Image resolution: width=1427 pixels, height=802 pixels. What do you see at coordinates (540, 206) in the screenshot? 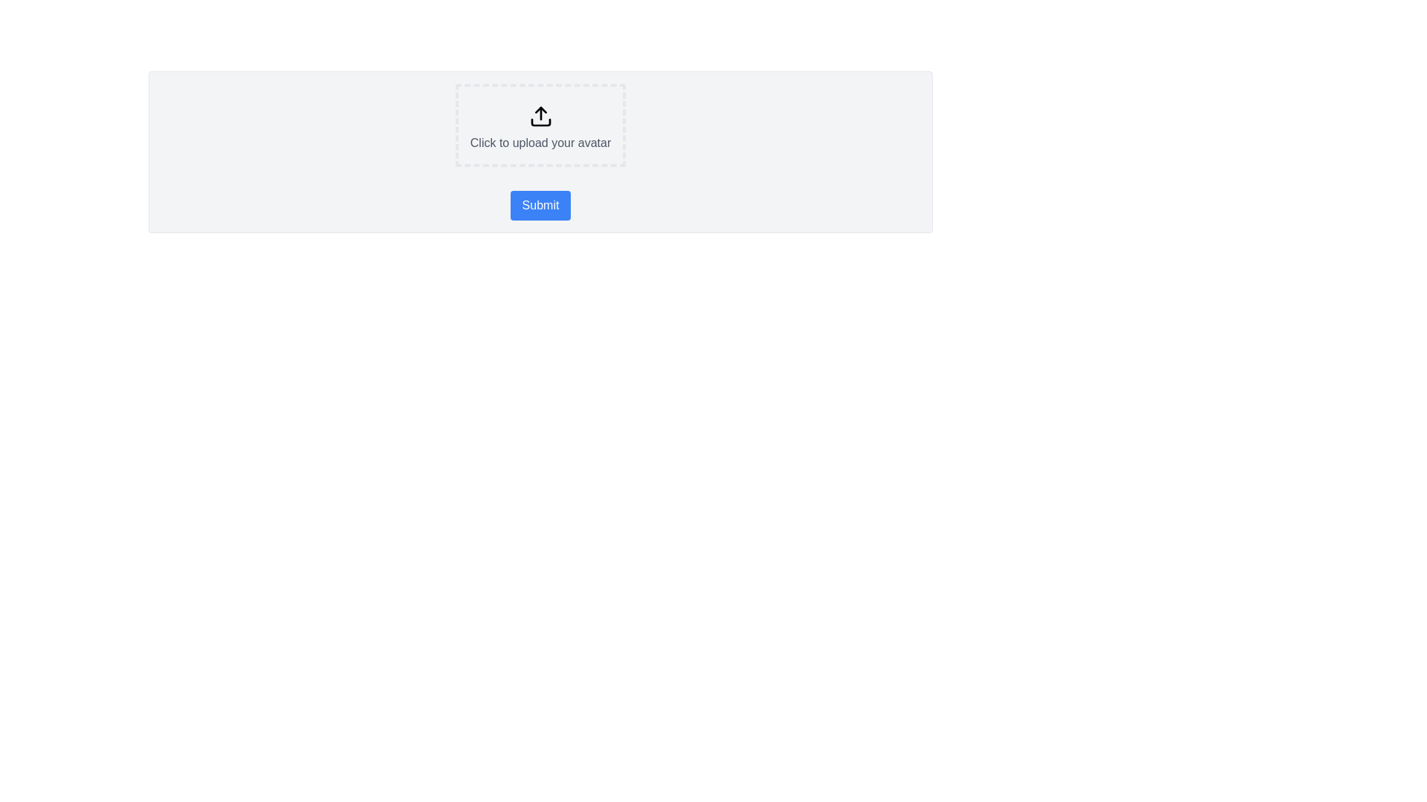
I see `the 'Submit' button with a blue background and white text to engage its hover effects` at bounding box center [540, 206].